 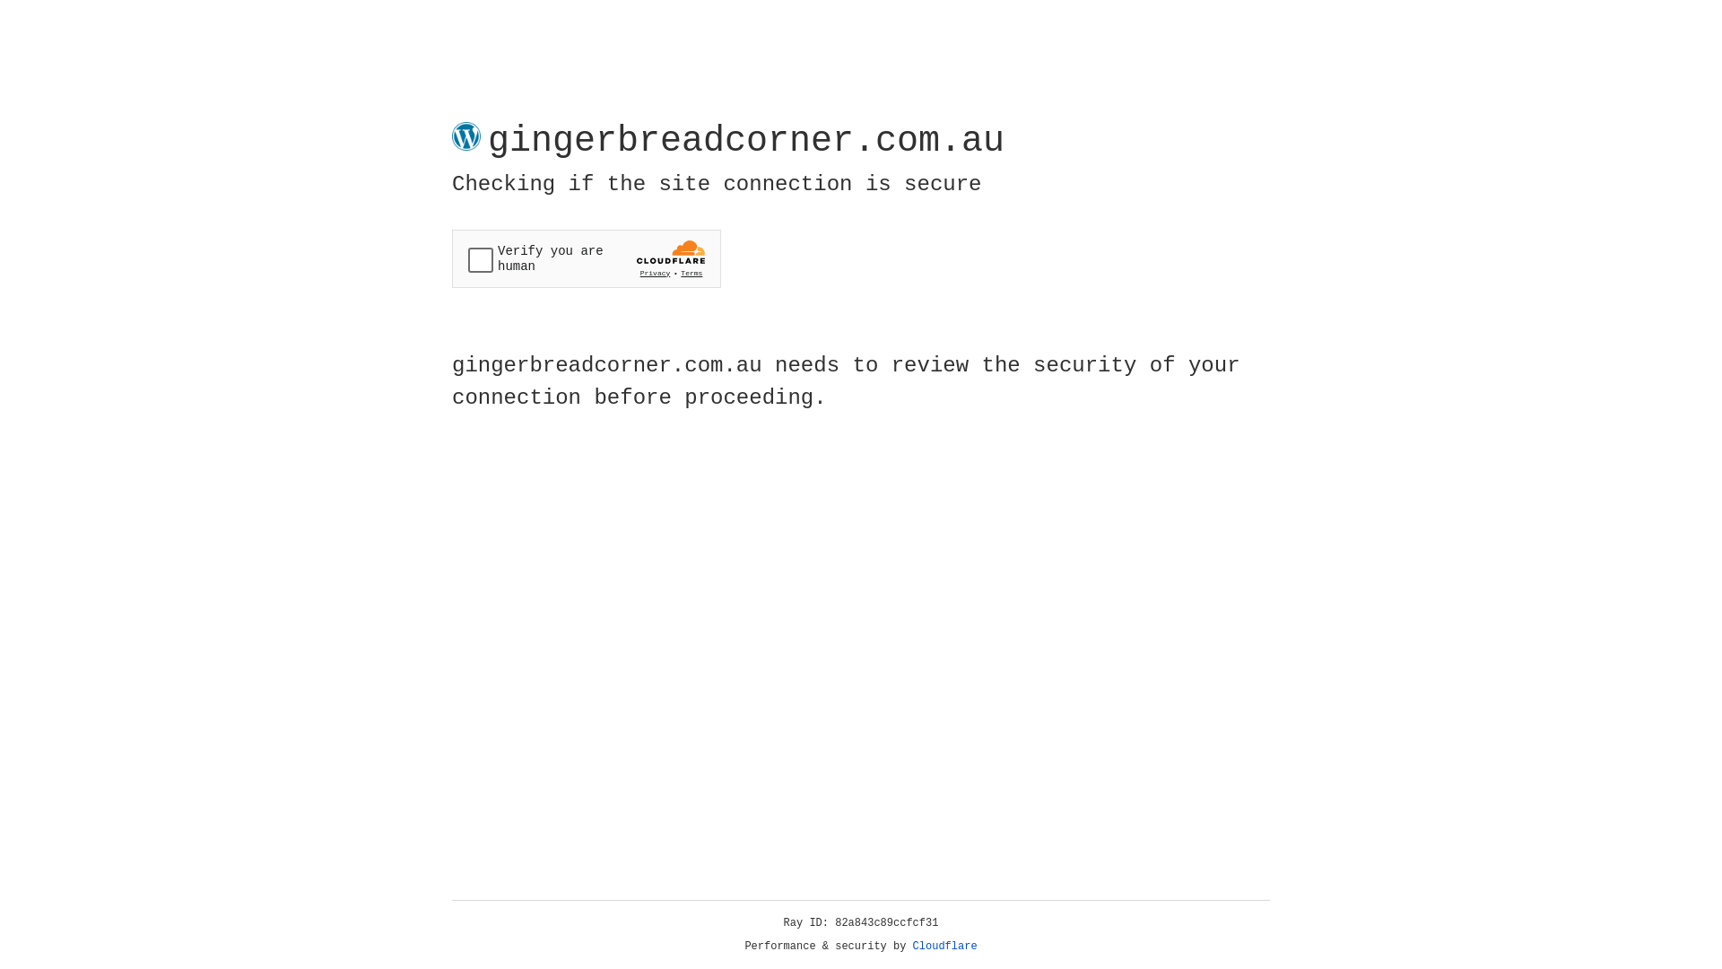 I want to click on 'Cloudflare', so click(x=944, y=946).